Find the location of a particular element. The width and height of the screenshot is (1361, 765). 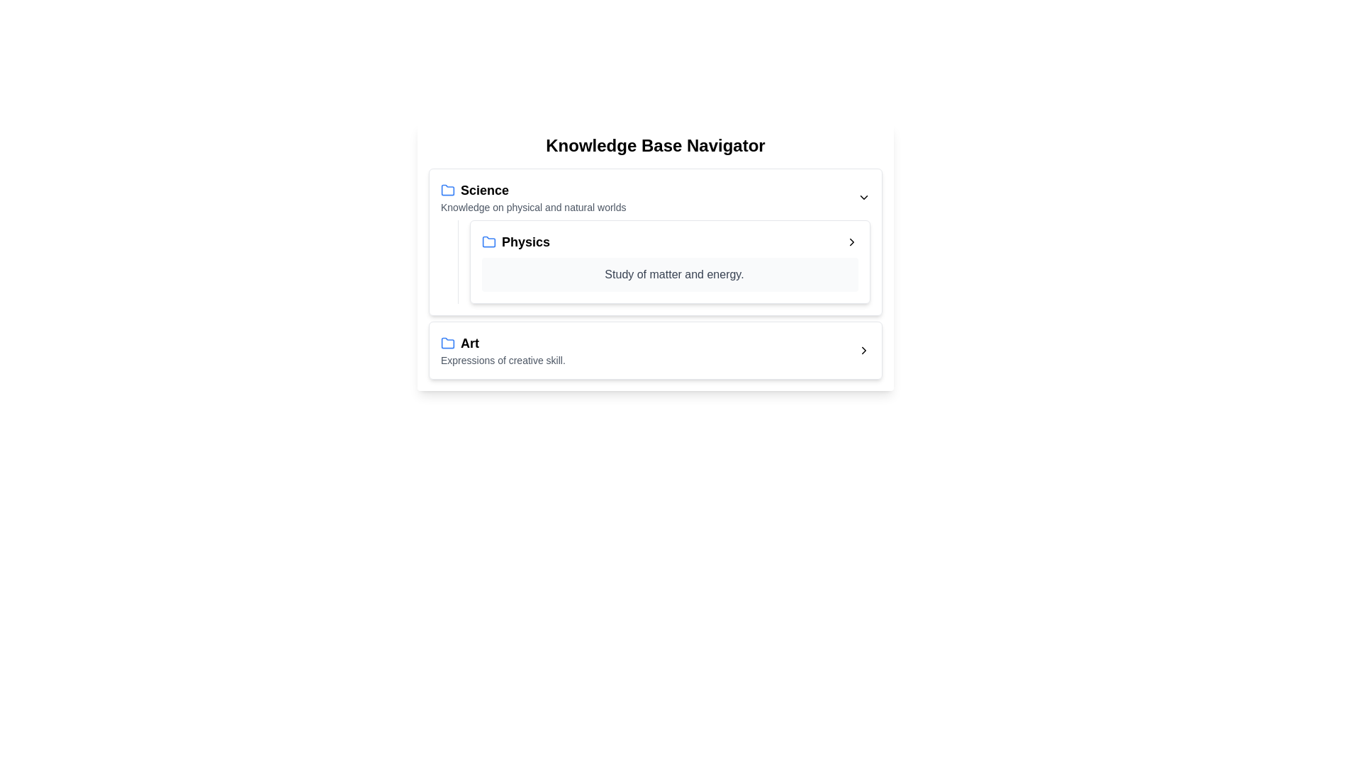

the chevron icon located on the far right side of the 'Physics' section is located at coordinates (851, 242).